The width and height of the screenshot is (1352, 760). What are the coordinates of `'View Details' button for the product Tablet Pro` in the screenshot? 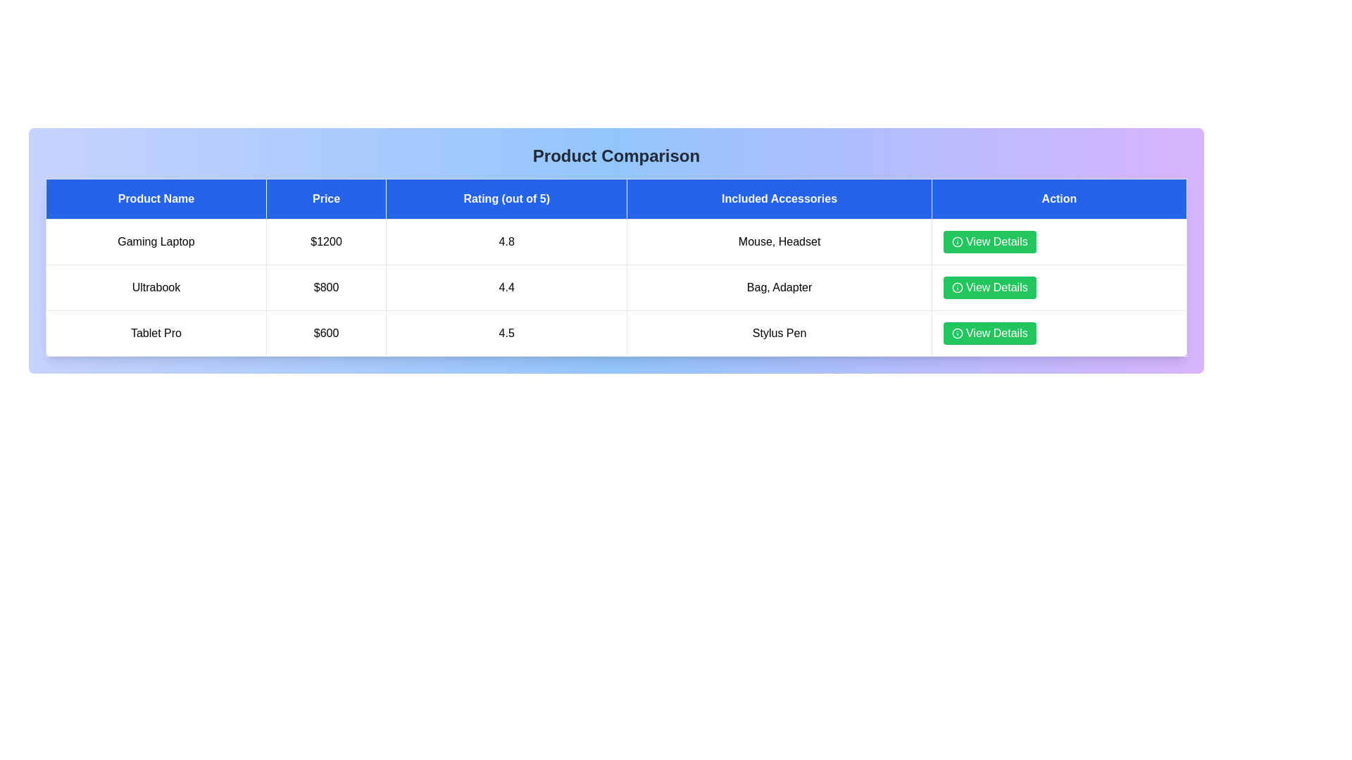 It's located at (989, 334).